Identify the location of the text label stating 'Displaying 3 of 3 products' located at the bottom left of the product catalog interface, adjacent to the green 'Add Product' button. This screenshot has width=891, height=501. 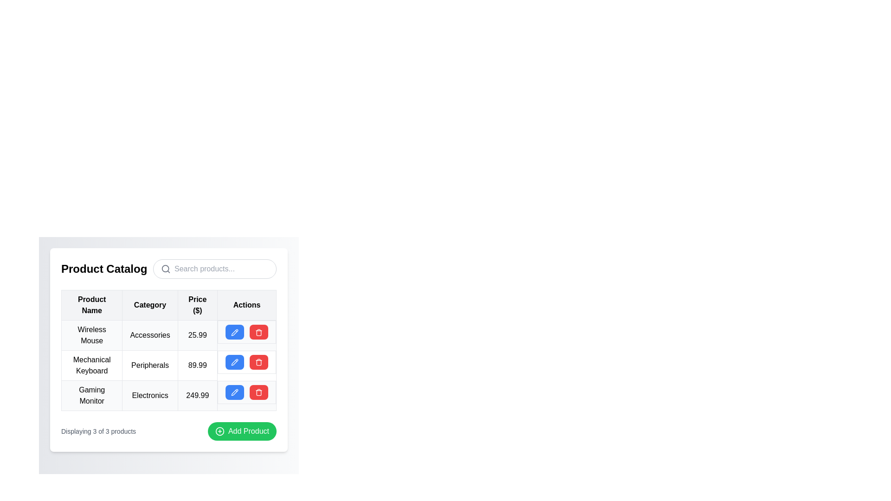
(98, 431).